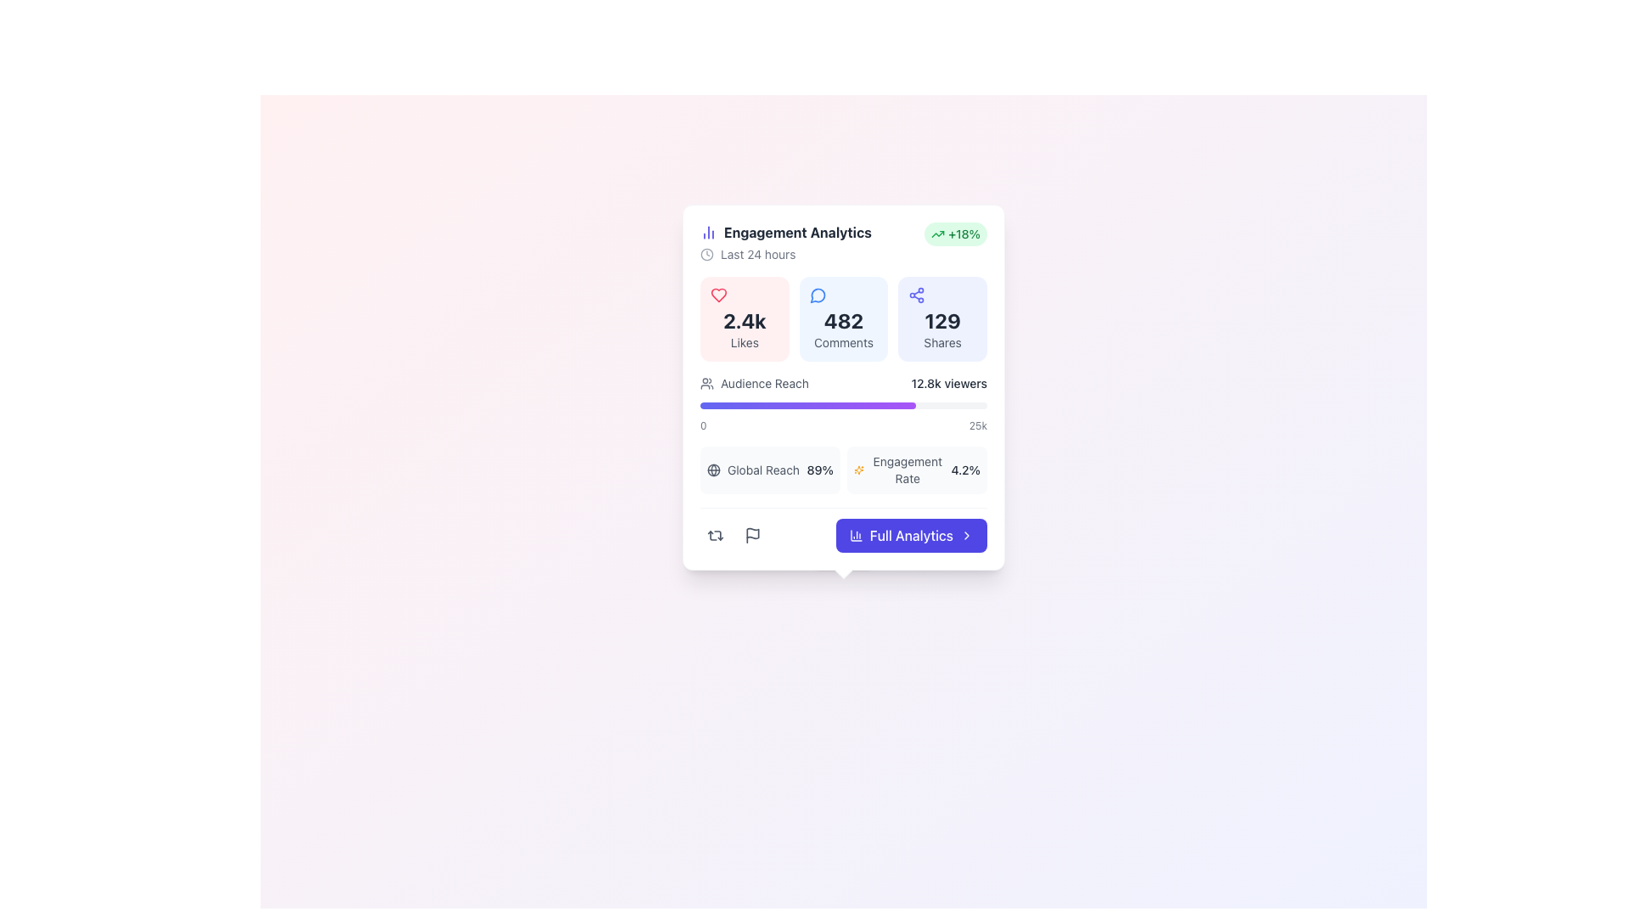 This screenshot has height=917, width=1630. I want to click on the text 'Engagement Analytics' located in the top-left portion of the card header, so click(785, 242).